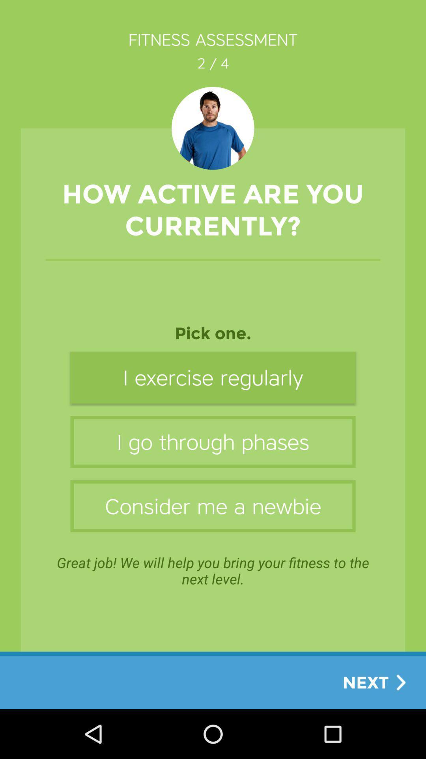  Describe the element at coordinates (213, 377) in the screenshot. I see `the item above i go through icon` at that location.